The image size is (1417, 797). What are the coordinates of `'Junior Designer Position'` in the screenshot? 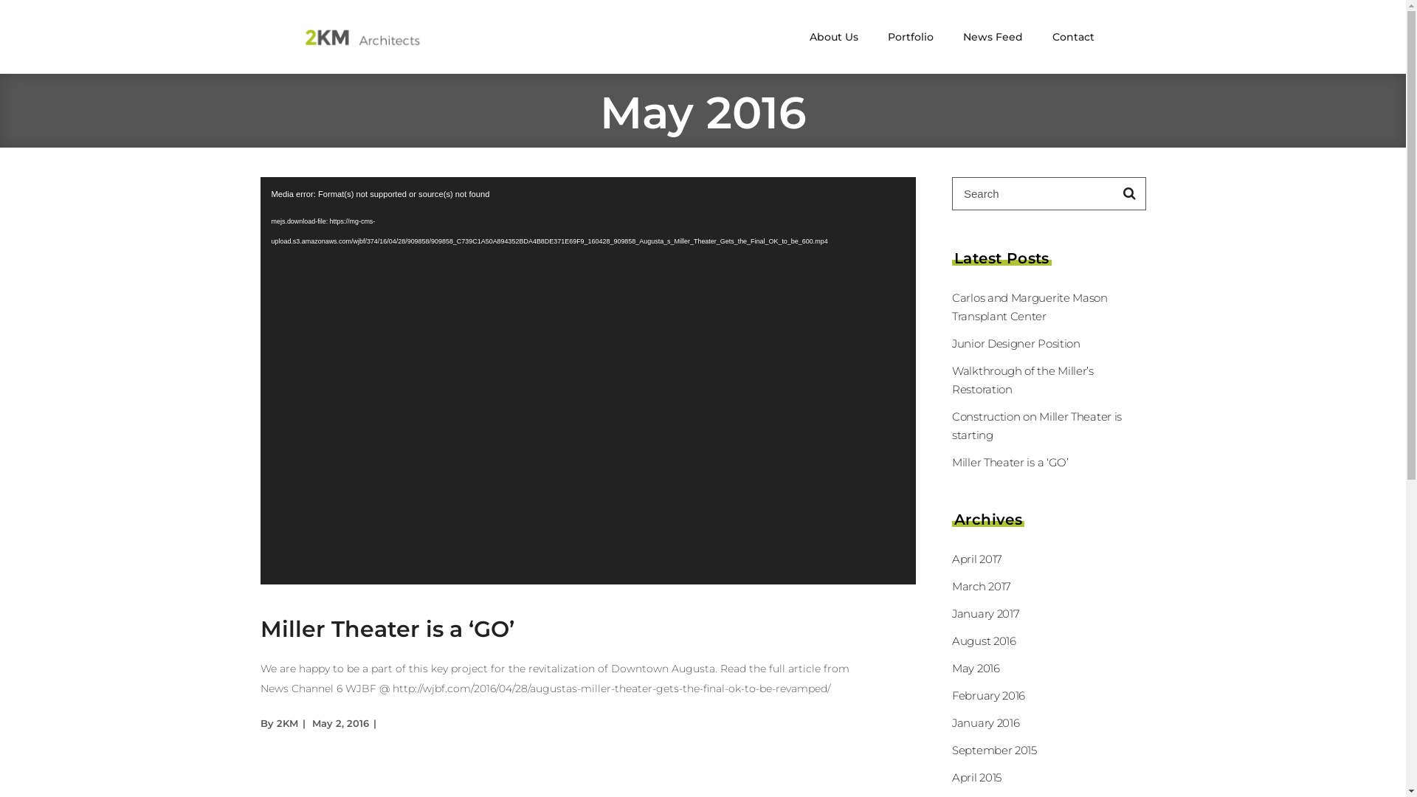 It's located at (1016, 343).